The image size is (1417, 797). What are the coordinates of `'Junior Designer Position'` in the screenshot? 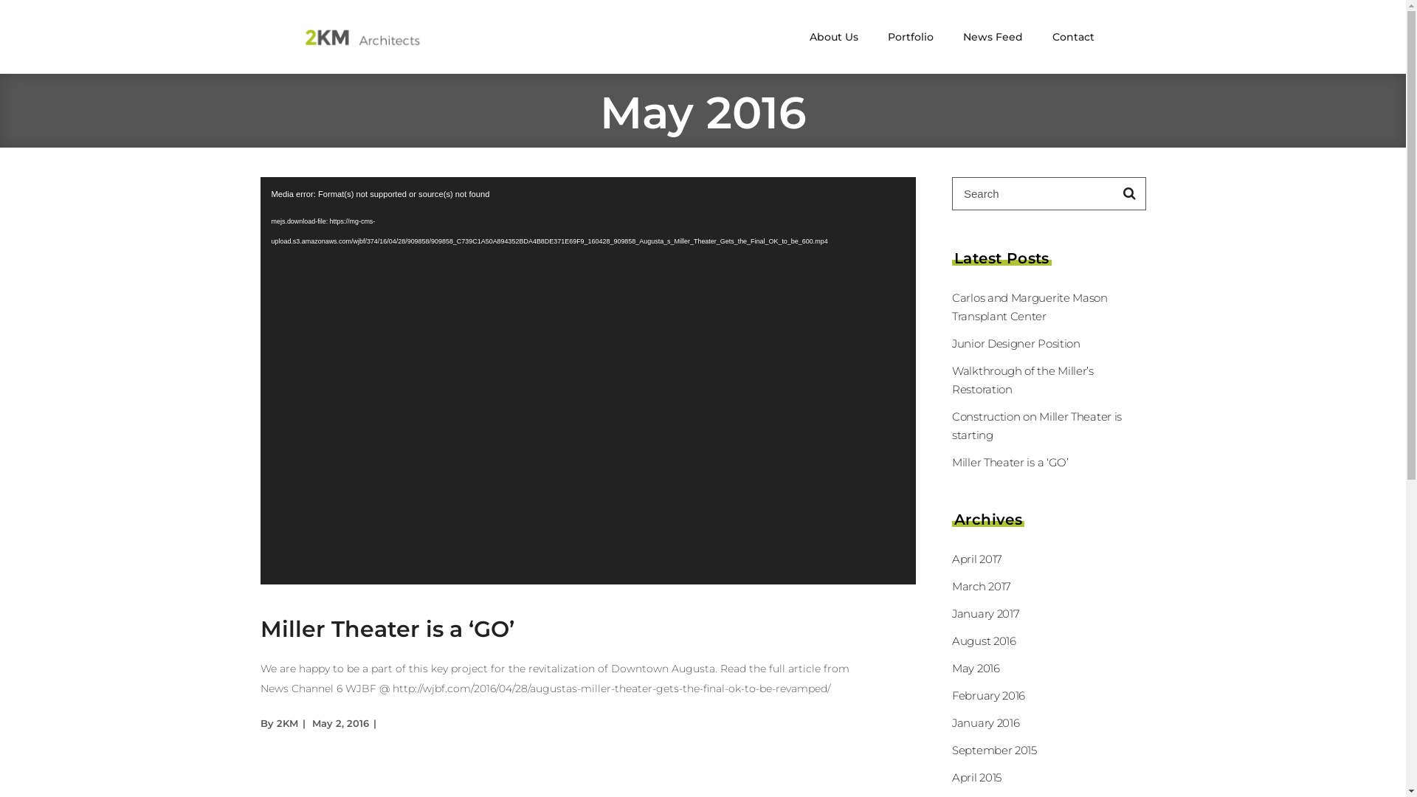 It's located at (1016, 343).